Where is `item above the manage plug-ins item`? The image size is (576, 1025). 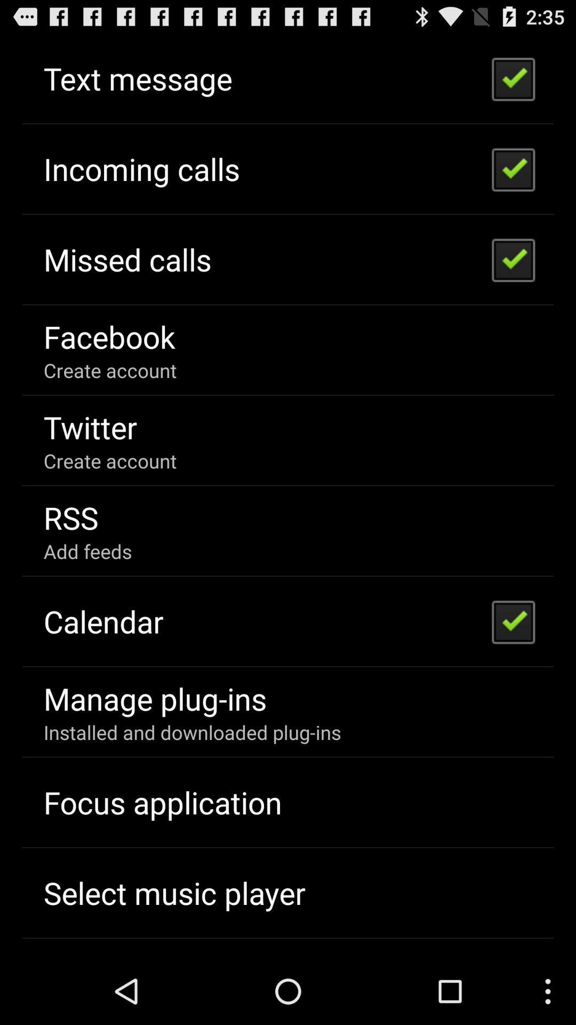
item above the manage plug-ins item is located at coordinates (103, 621).